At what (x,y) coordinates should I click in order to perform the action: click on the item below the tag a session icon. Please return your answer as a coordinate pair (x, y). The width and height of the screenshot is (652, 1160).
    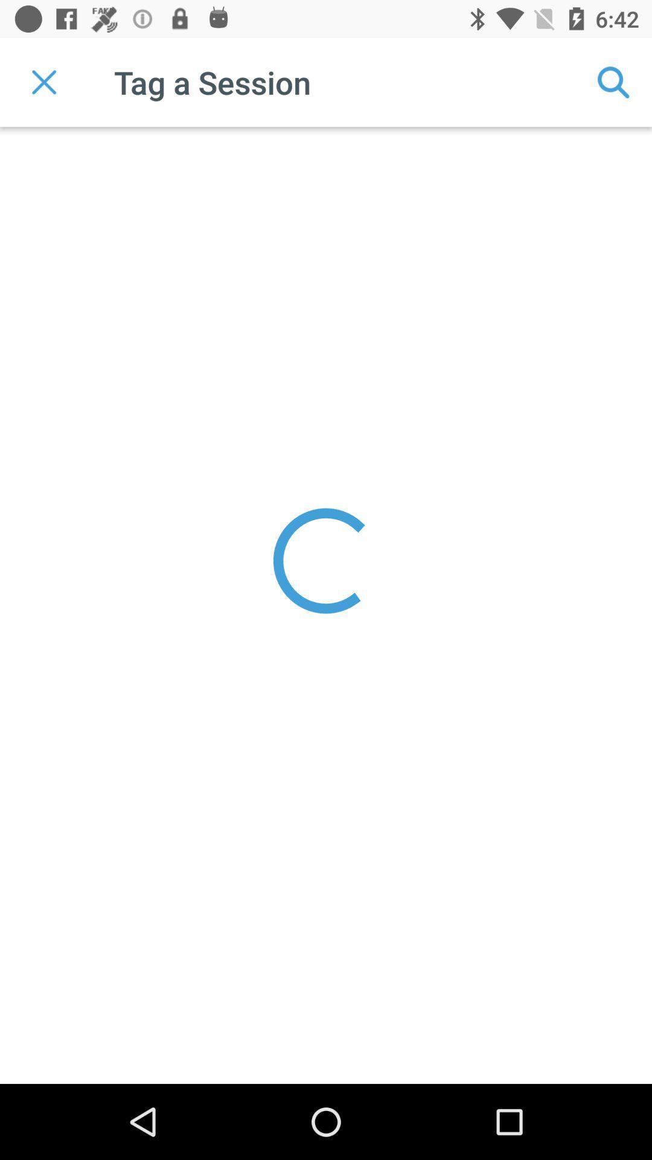
    Looking at the image, I should click on (326, 560).